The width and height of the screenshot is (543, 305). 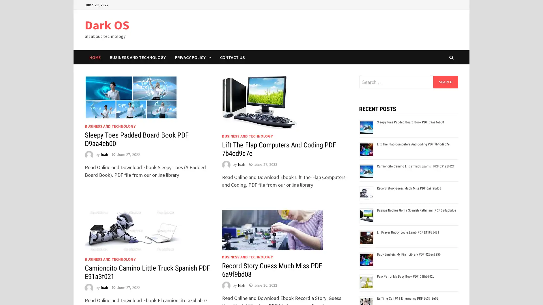 What do you see at coordinates (445, 82) in the screenshot?
I see `Search` at bounding box center [445, 82].